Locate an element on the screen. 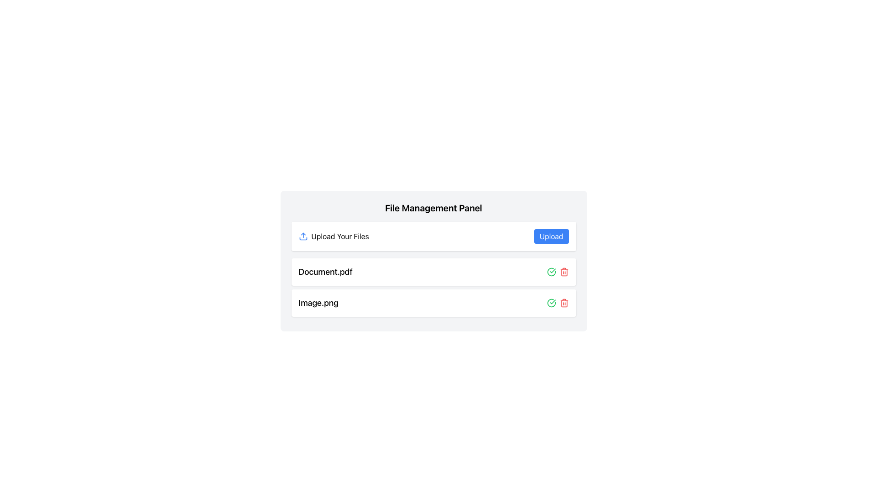 The width and height of the screenshot is (876, 493). the Text Label that displays the name of the file, located under the 'File Management Panel' heading and above 'Image.png' is located at coordinates (325, 272).